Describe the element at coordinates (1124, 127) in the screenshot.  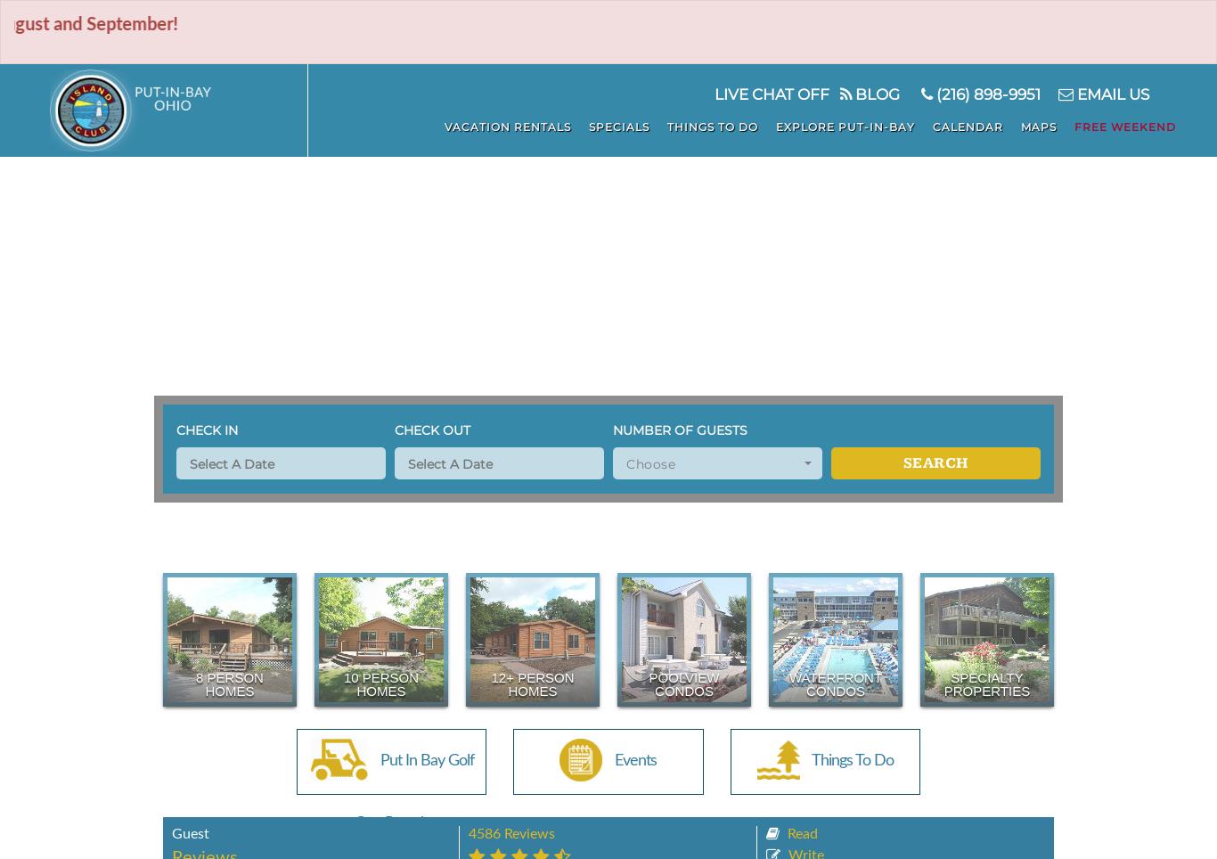
I see `'Free Weekend'` at that location.